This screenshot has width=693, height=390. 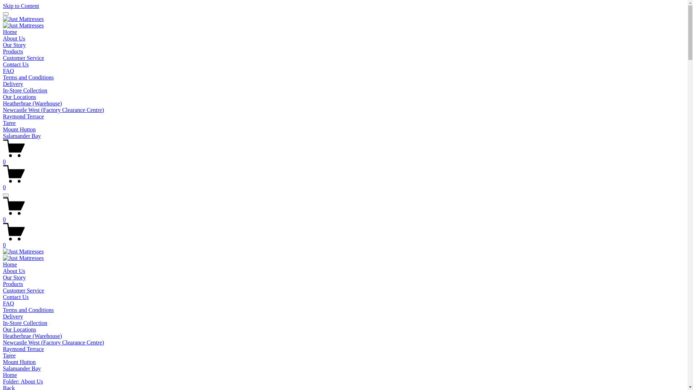 I want to click on 'Skip to Content', so click(x=21, y=6).